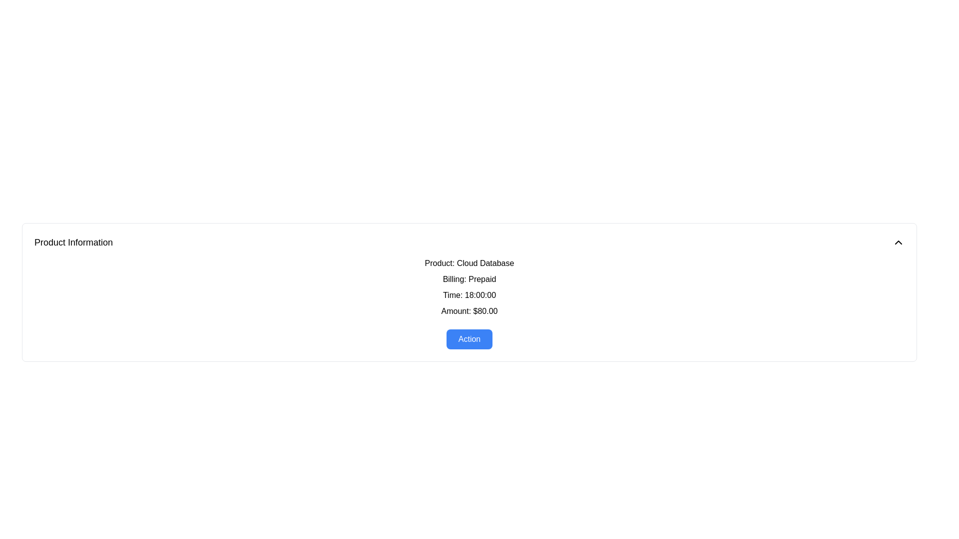 The height and width of the screenshot is (539, 959). Describe the element at coordinates (469, 338) in the screenshot. I see `the blue rectangular button labeled 'Action' with white text in the center` at that location.